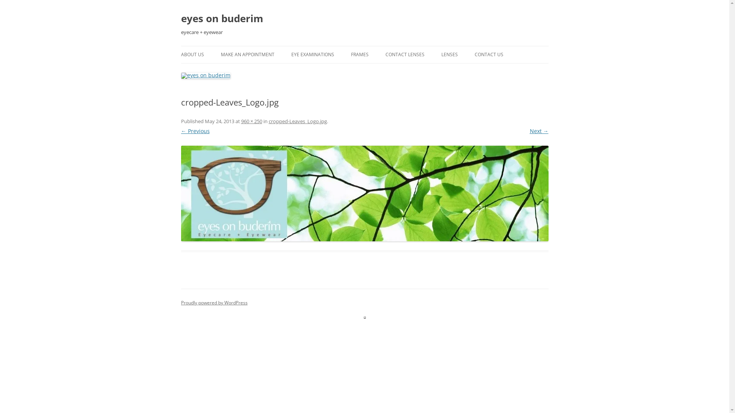 This screenshot has width=735, height=413. I want to click on 'MAKE AN APPOINTMENT', so click(247, 54).